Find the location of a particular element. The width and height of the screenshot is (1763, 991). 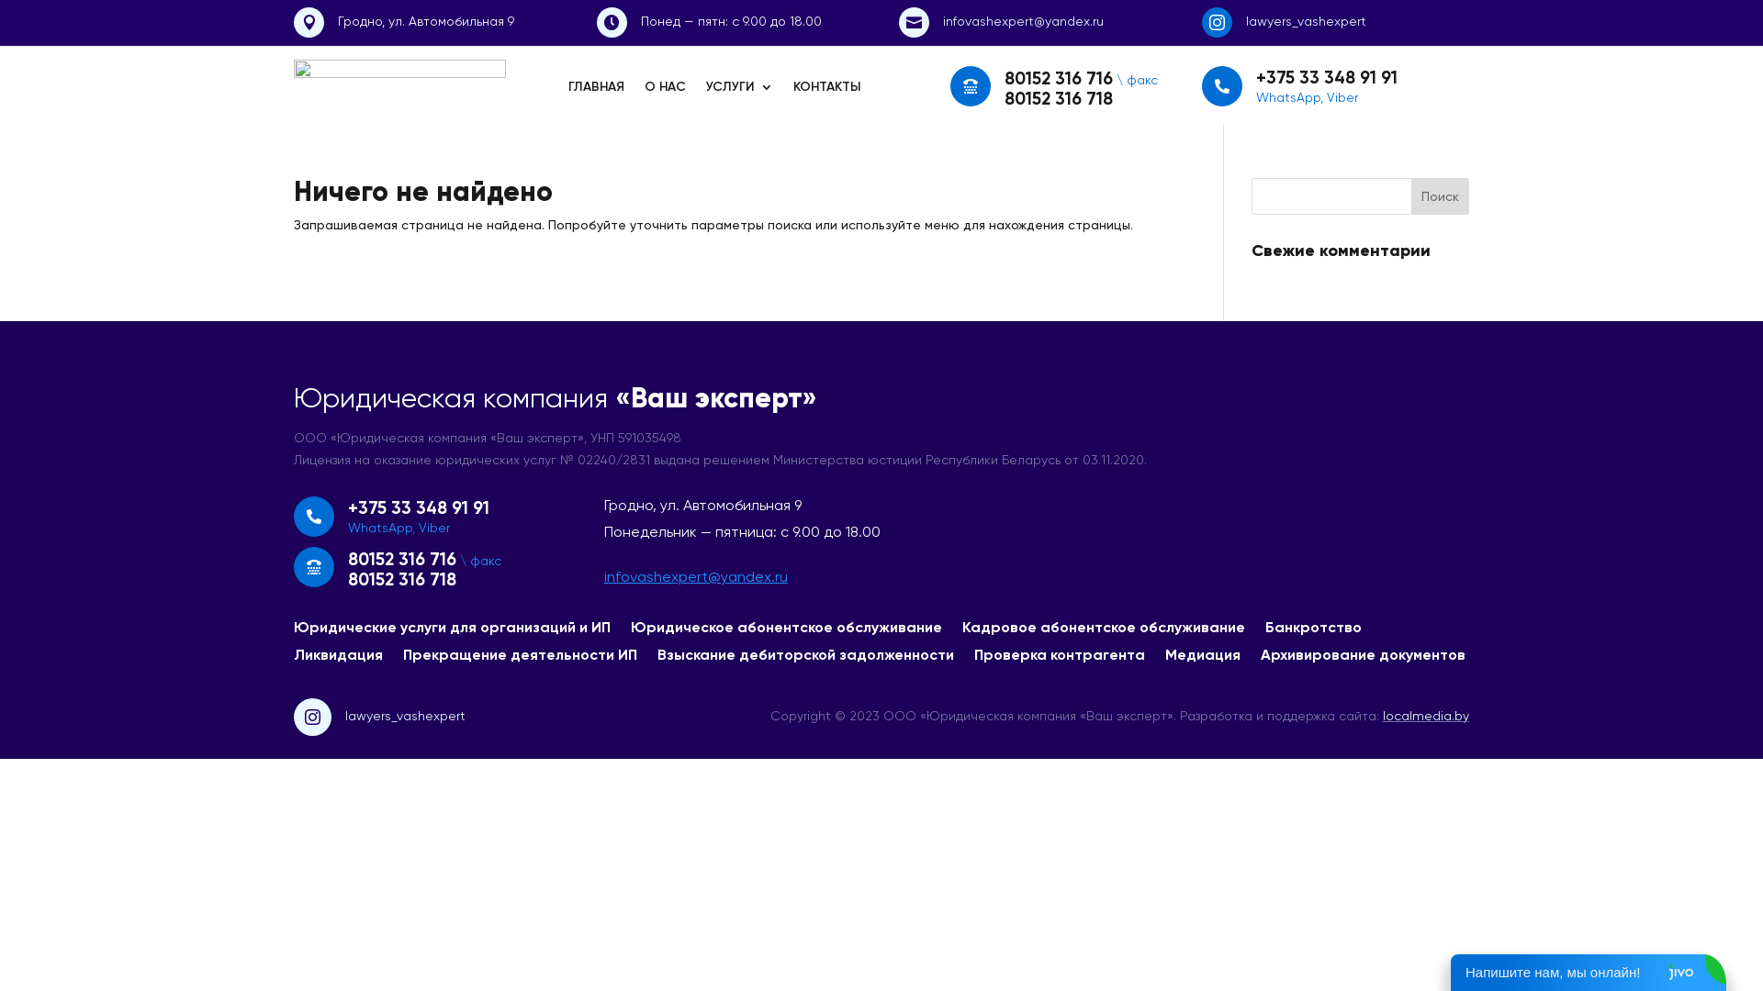

'localmedia.by' is located at coordinates (1425, 714).